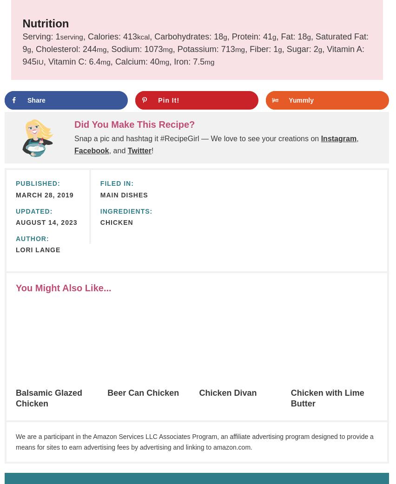  I want to click on 'Twitter', so click(139, 150).